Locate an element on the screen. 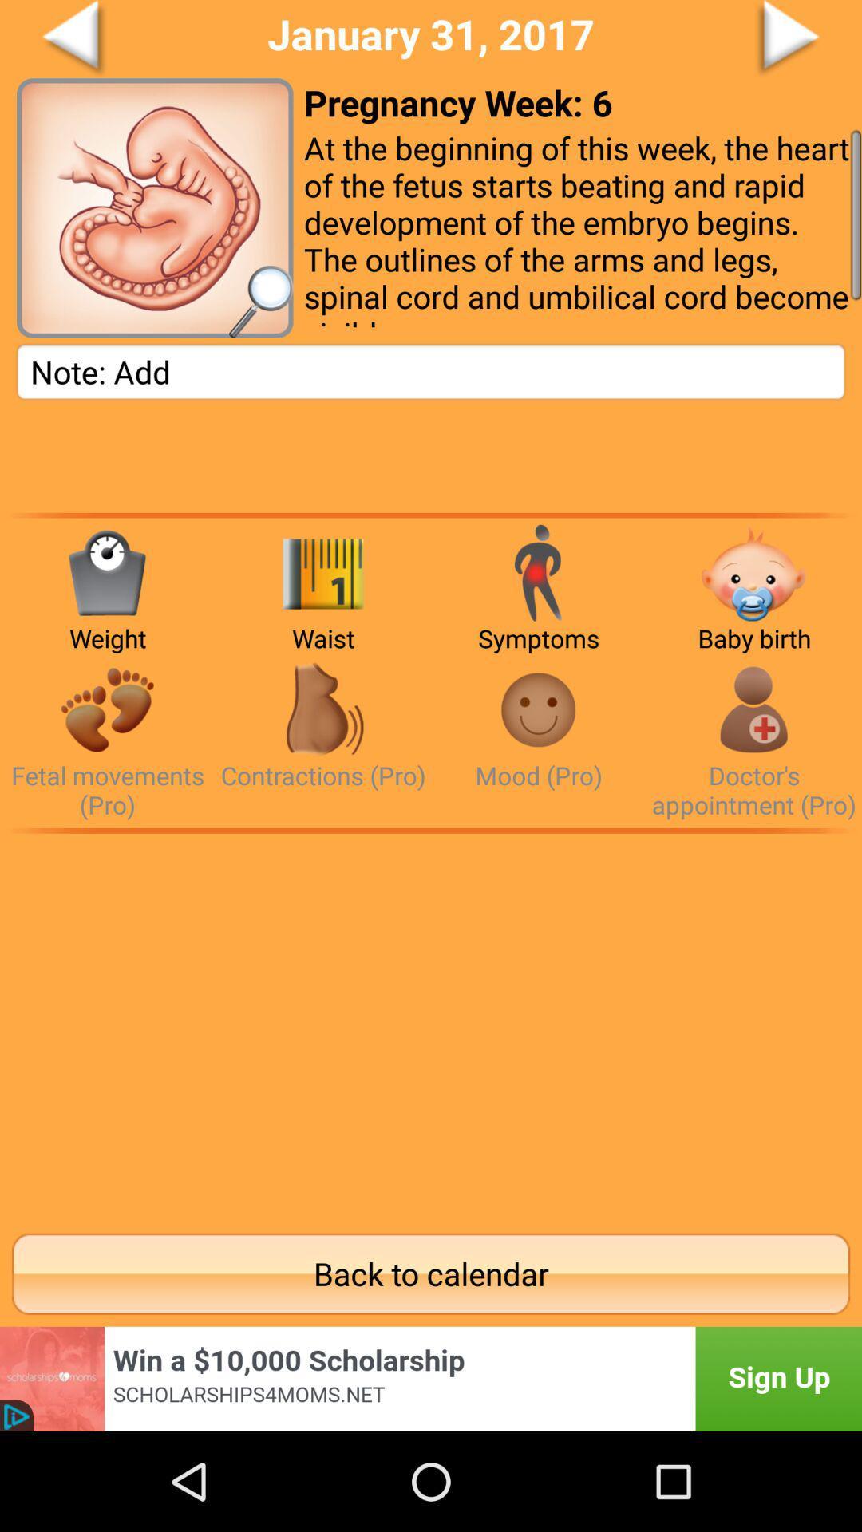 This screenshot has height=1532, width=862. back is located at coordinates (132, 39).